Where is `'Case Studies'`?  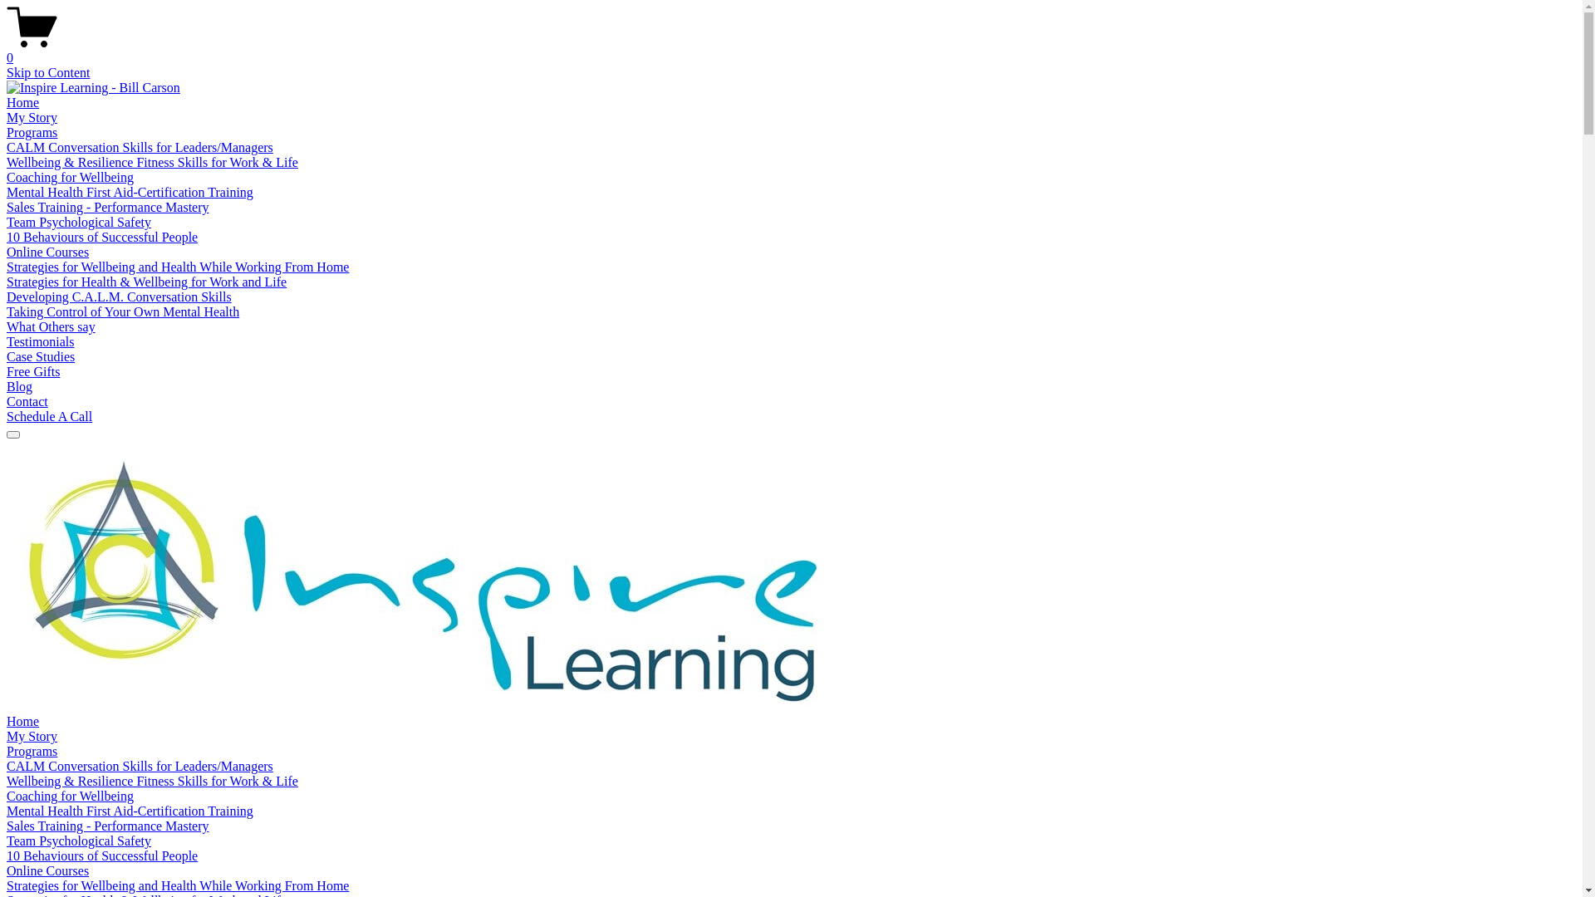 'Case Studies' is located at coordinates (7, 355).